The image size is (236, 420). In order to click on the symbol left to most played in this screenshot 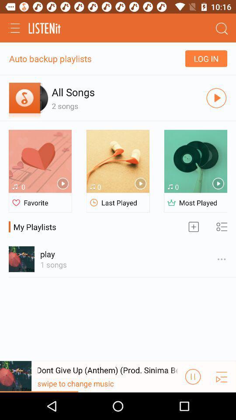, I will do `click(171, 203)`.